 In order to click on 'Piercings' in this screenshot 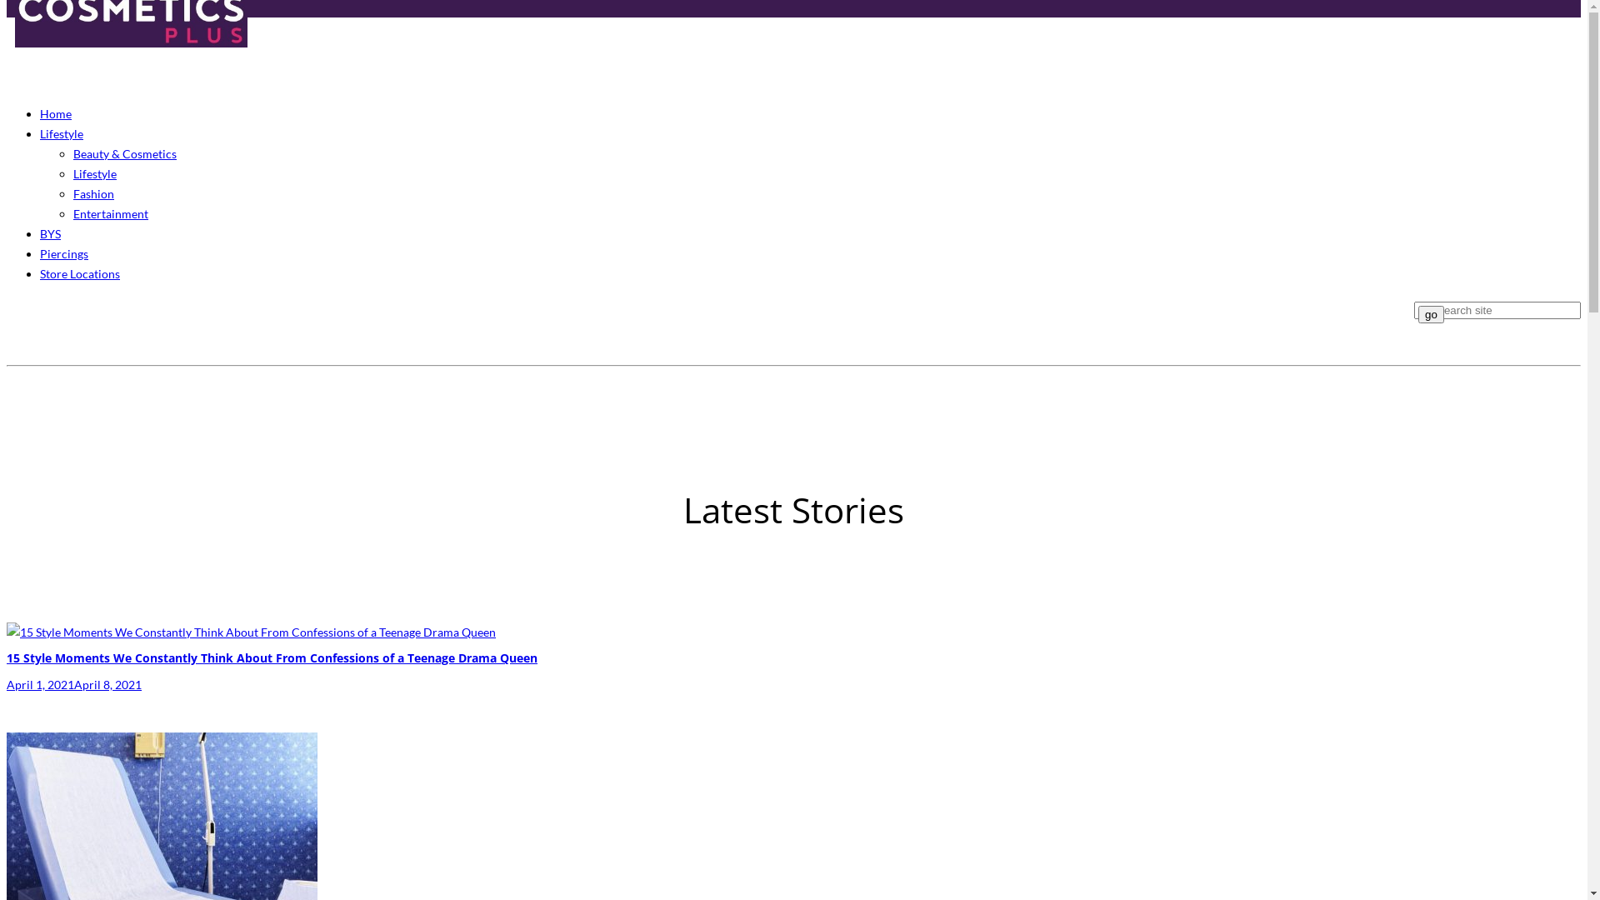, I will do `click(40, 253)`.